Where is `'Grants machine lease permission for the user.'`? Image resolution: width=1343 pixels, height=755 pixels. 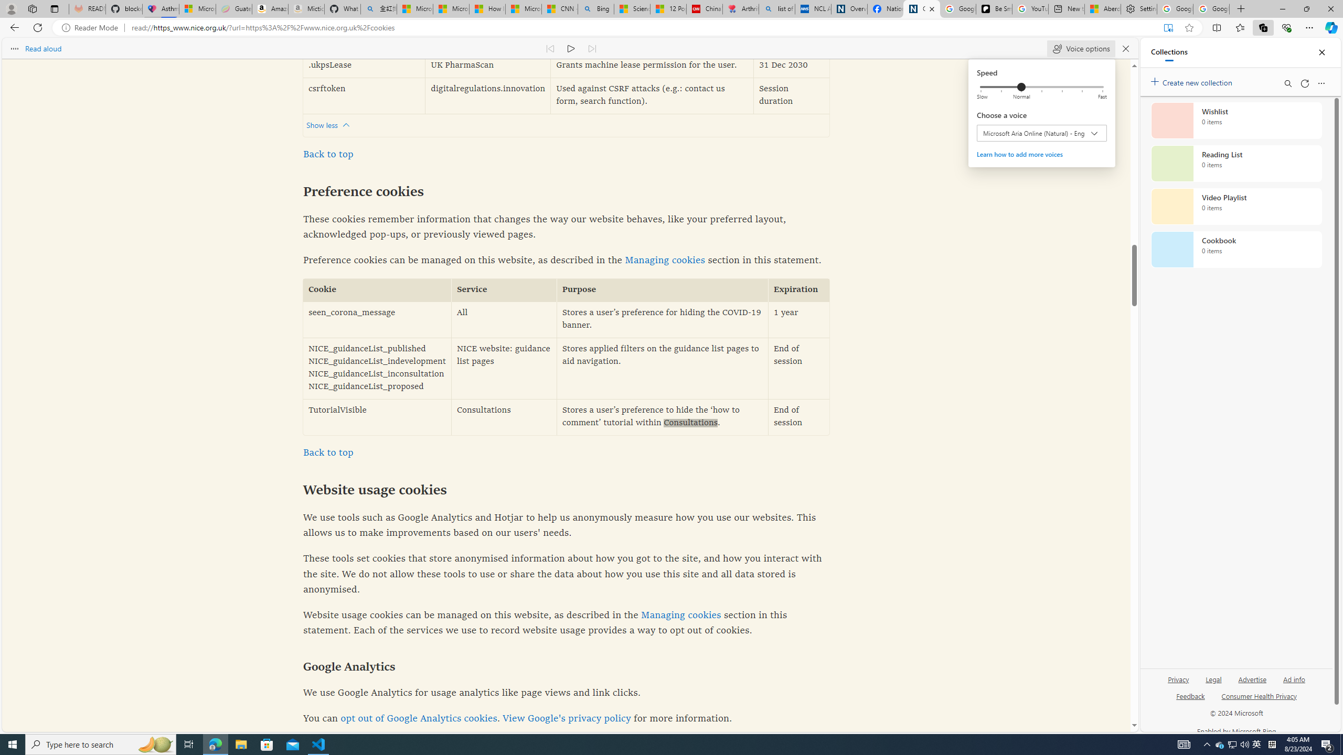
'Grants machine lease permission for the user.' is located at coordinates (652, 66).